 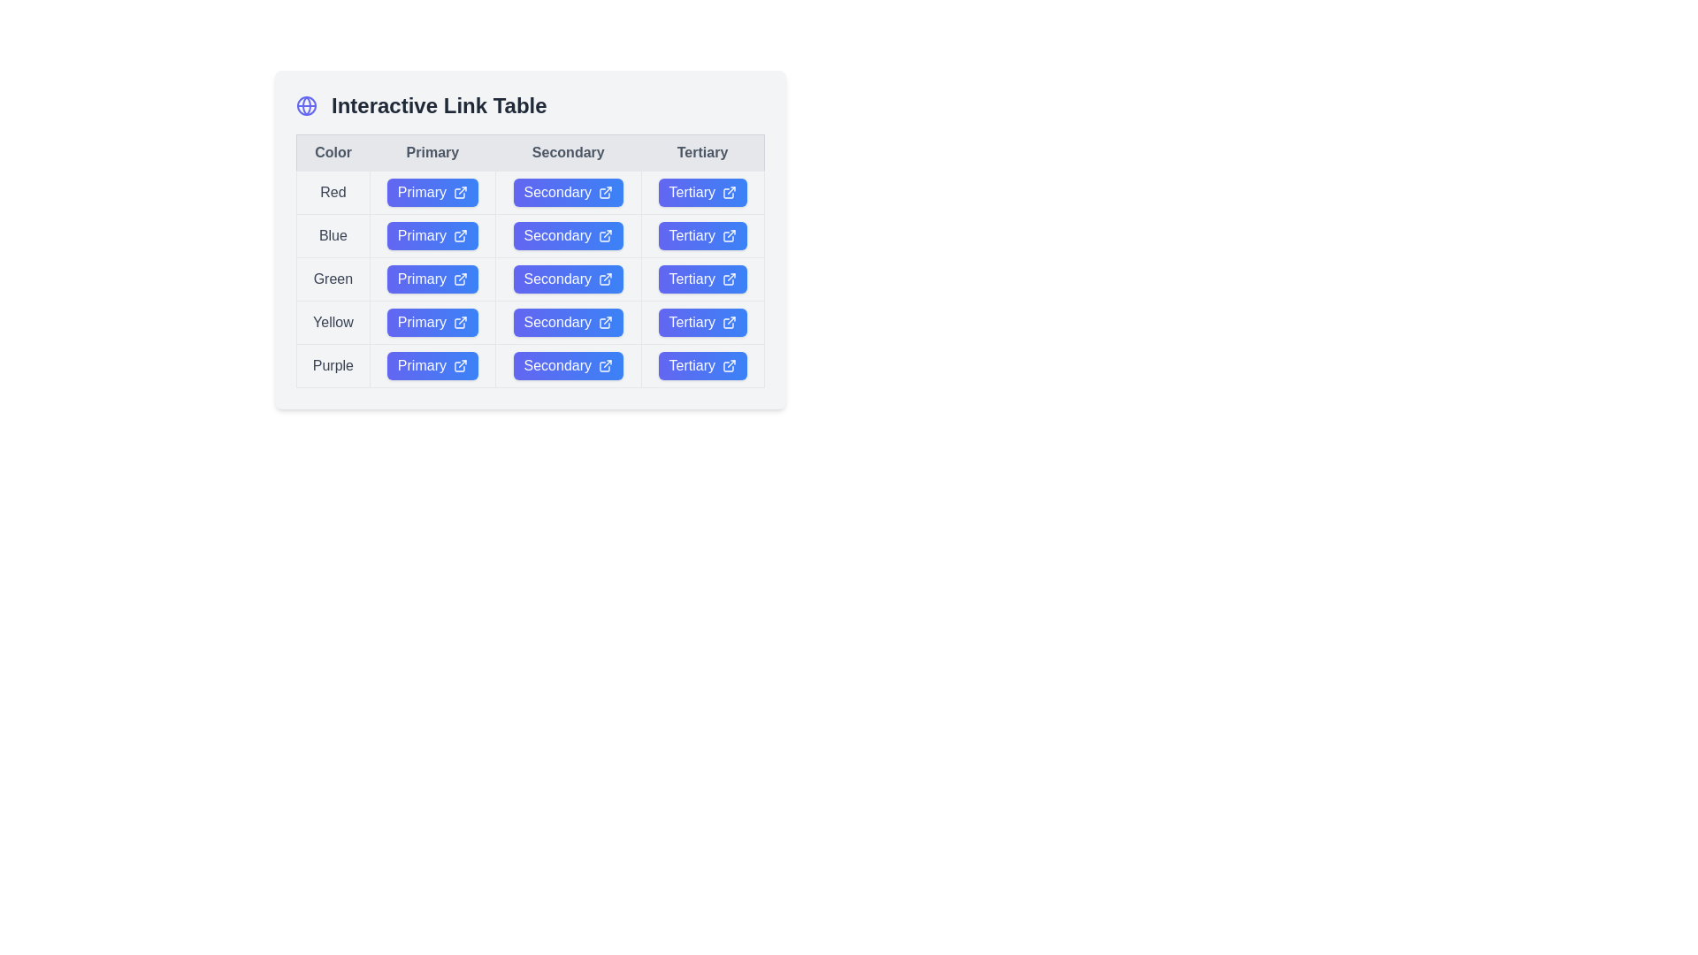 What do you see at coordinates (606, 193) in the screenshot?
I see `the icon in the 'Secondary' button (first row, red color) of the 'Interactive Link Table'` at bounding box center [606, 193].